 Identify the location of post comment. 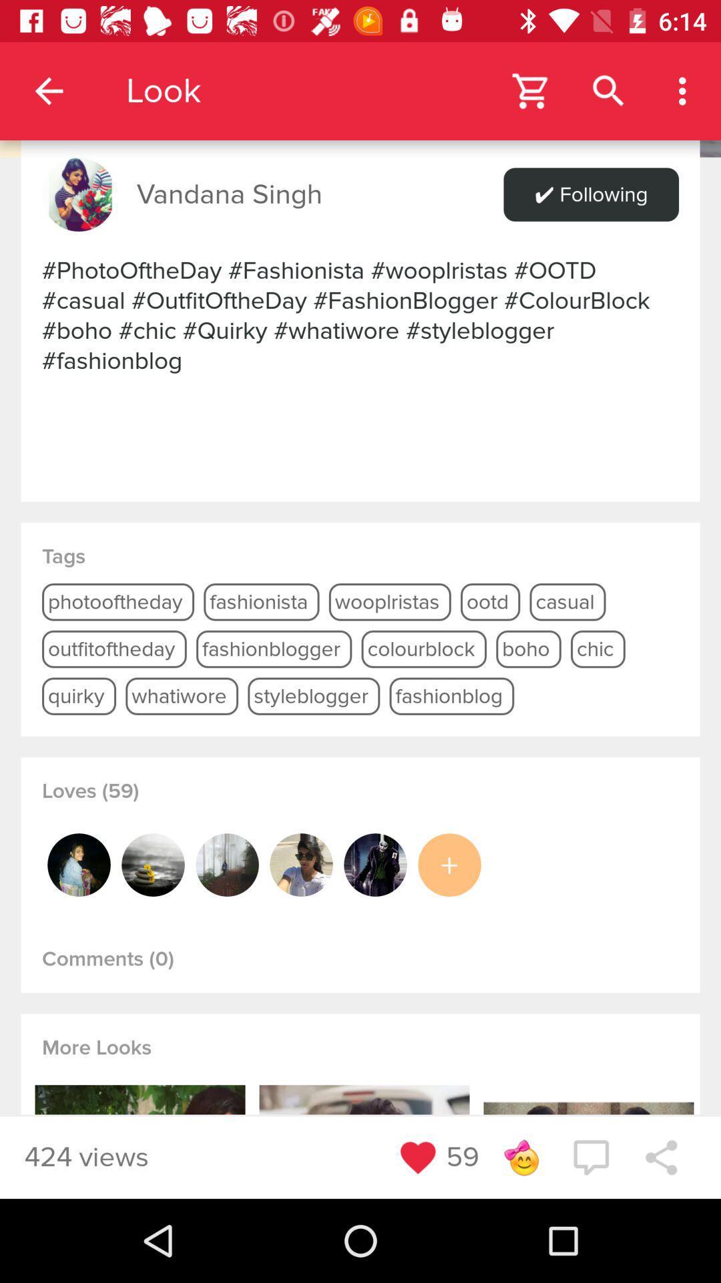
(590, 1157).